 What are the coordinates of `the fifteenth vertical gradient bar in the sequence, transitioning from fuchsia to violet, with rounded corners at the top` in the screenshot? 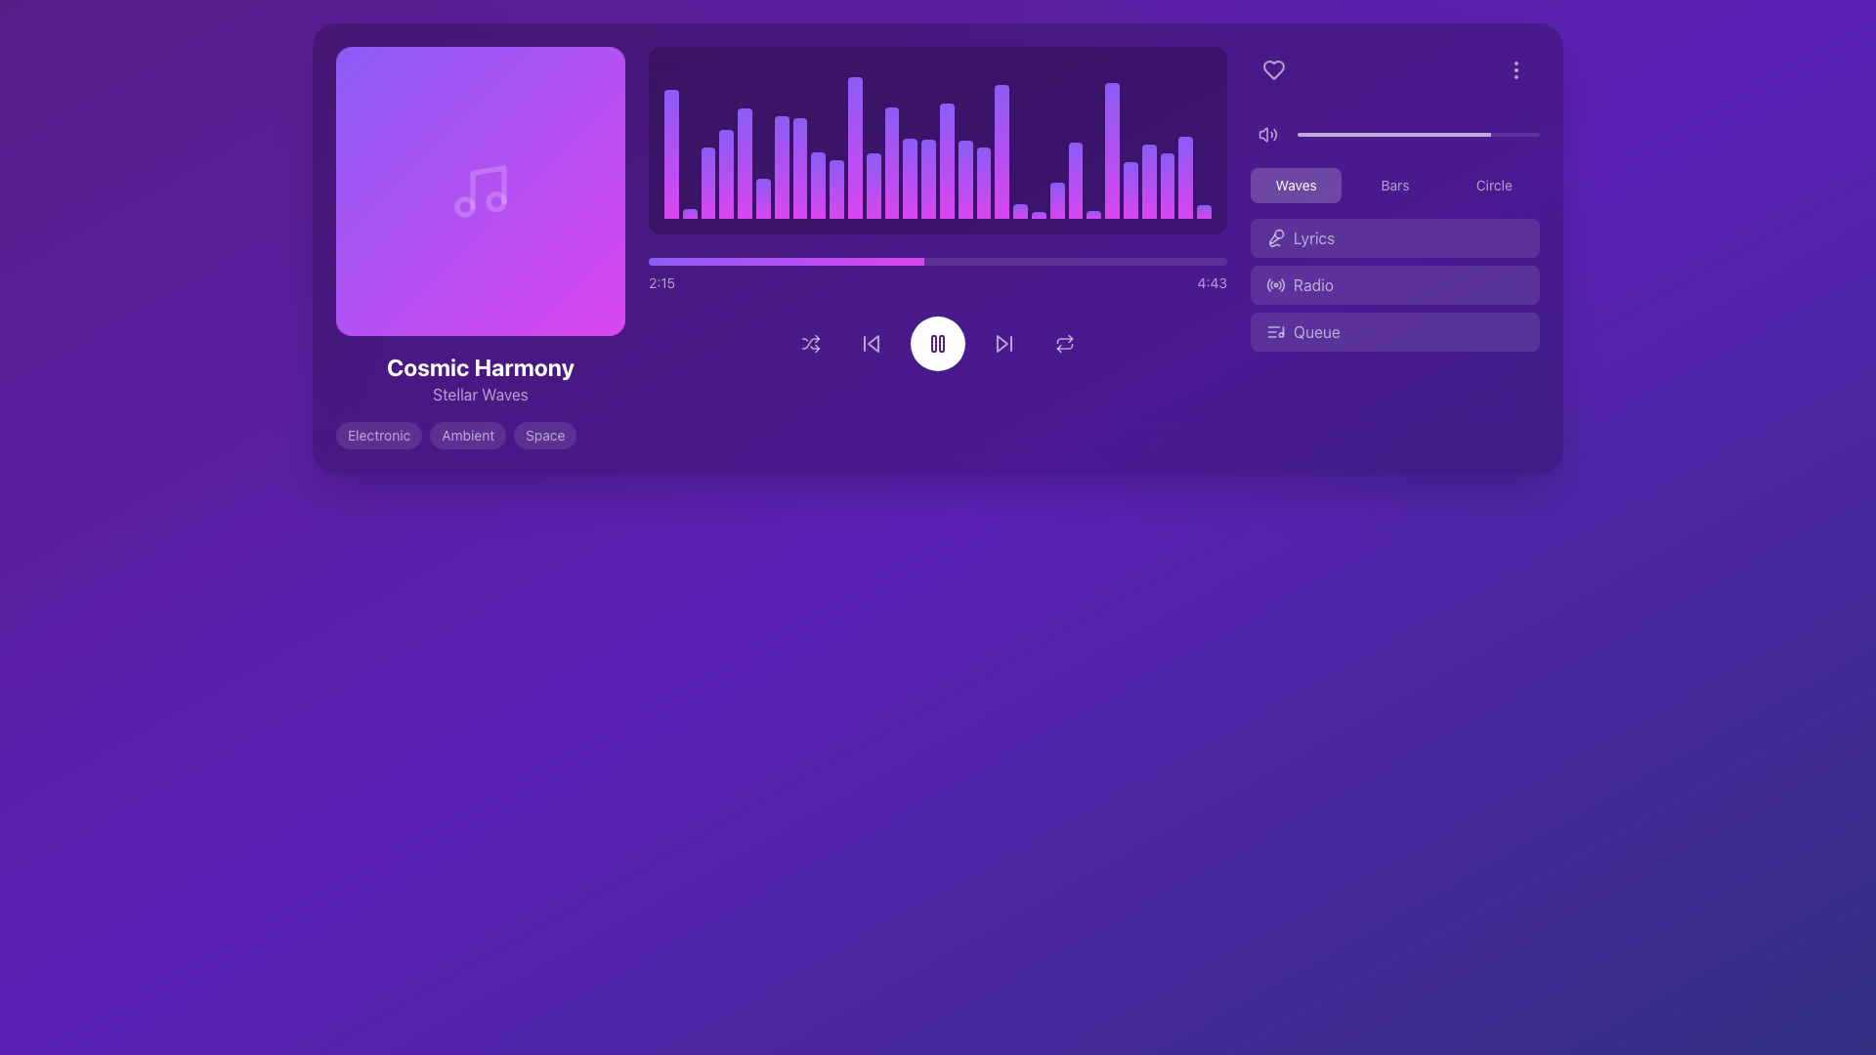 It's located at (965, 179).